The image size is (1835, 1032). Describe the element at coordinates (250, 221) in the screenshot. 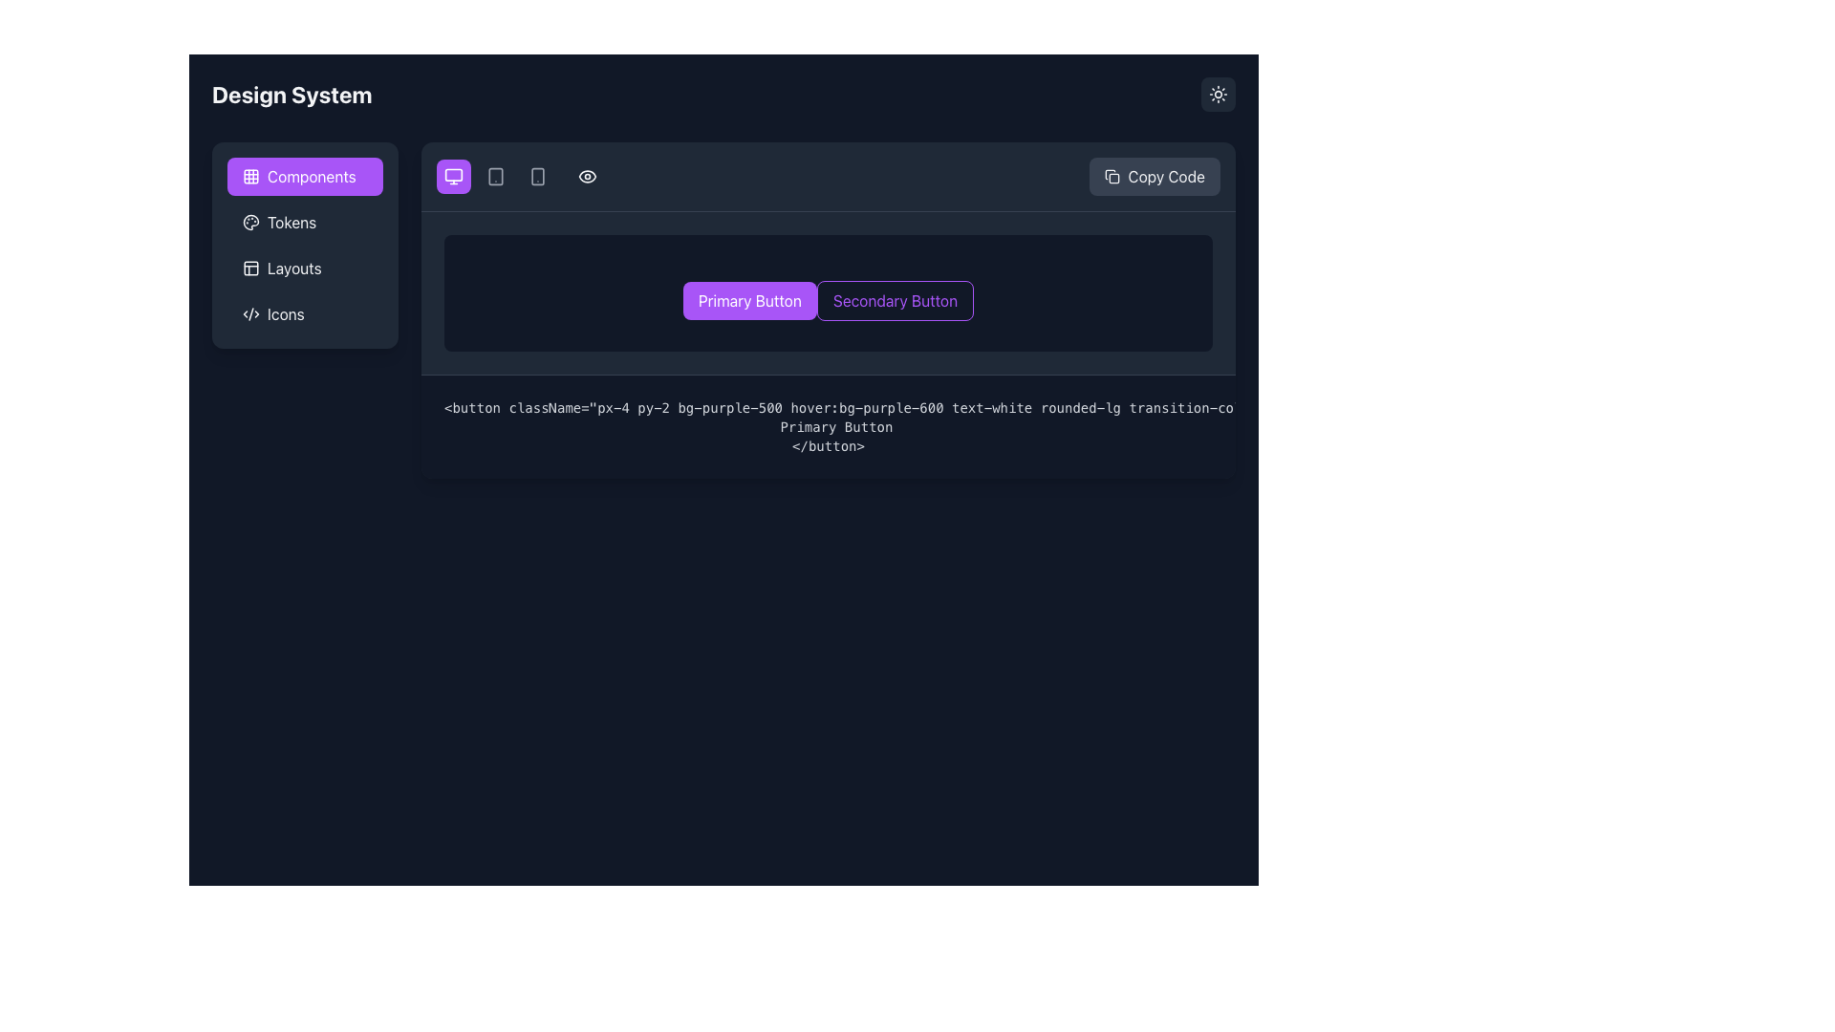

I see `the 'tokens' icon located in the left-side navigation panel, which is positioned next to the text 'tokens' in the menu group` at that location.